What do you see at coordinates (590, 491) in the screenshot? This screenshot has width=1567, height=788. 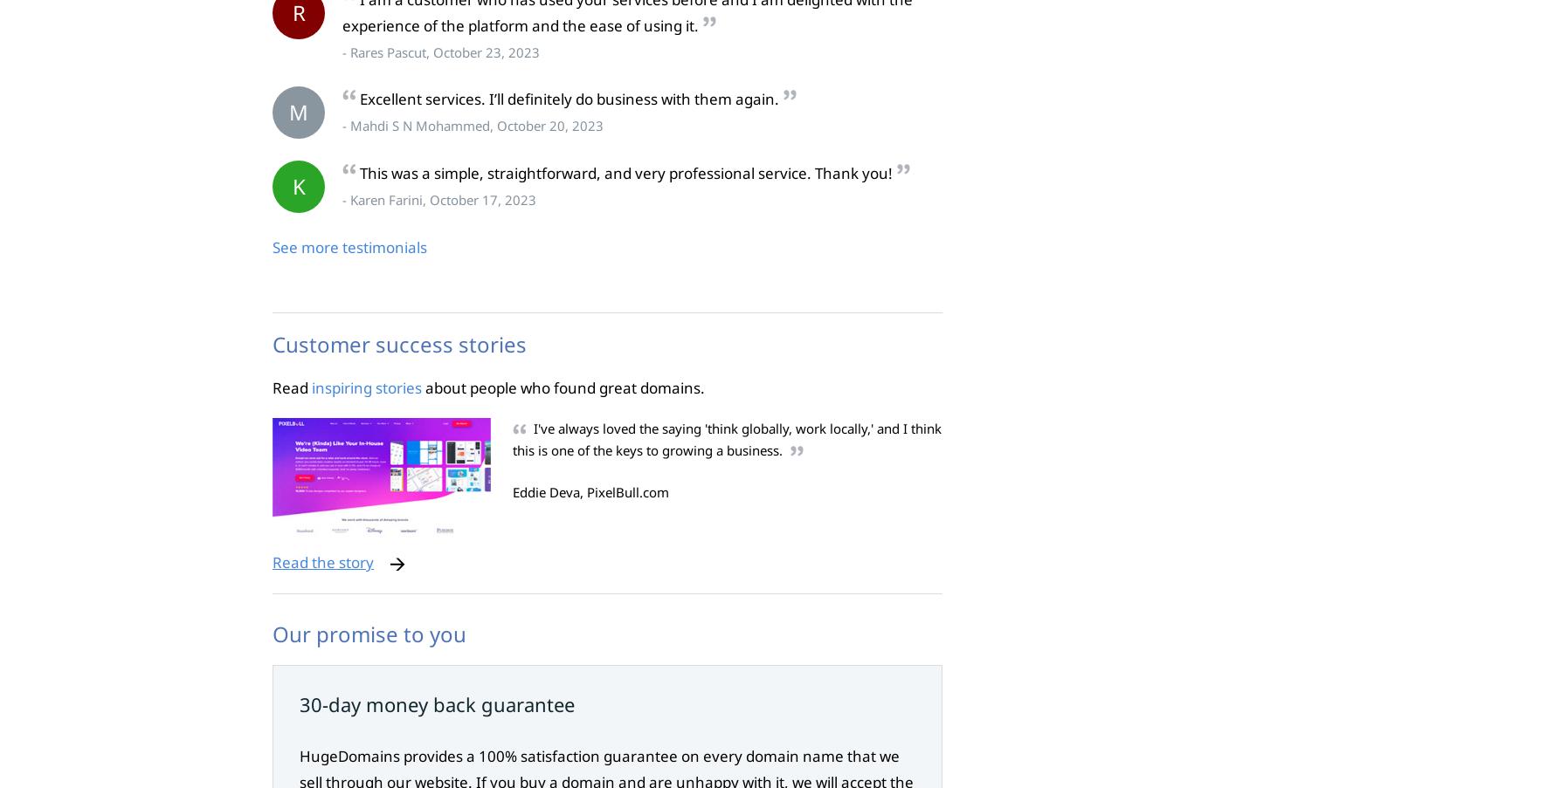 I see `'Eddie Deva, PixelBull.com'` at bounding box center [590, 491].